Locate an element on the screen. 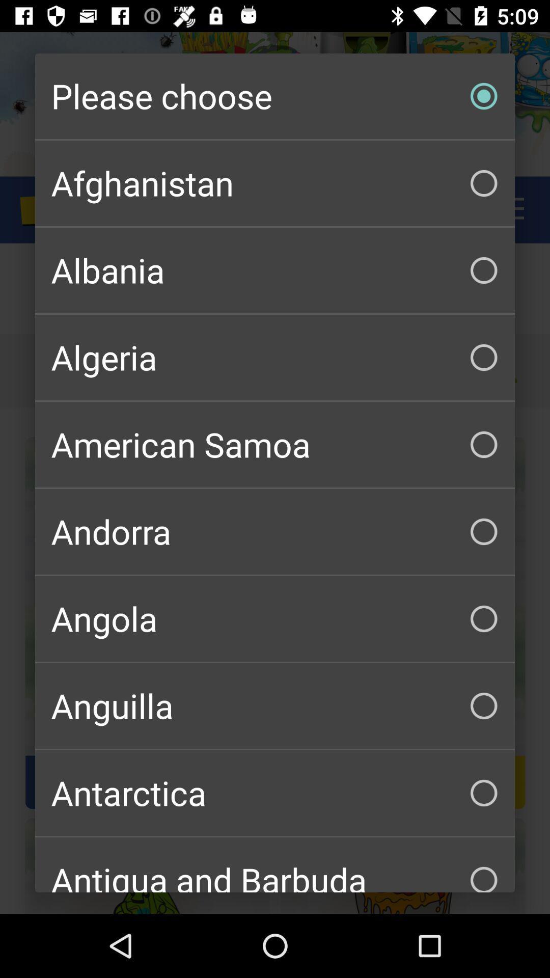  item above the algeria is located at coordinates (275, 270).